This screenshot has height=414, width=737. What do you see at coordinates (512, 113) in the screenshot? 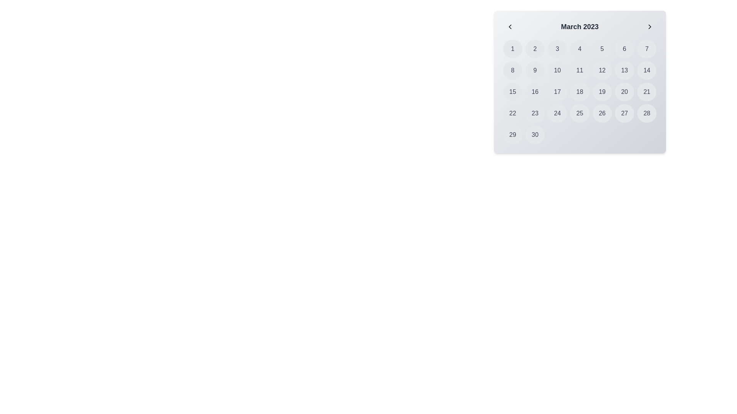
I see `the button representing the 22nd day of the month in the calendar, located in the fourth row and first column of the grid, under the number '15' button` at bounding box center [512, 113].